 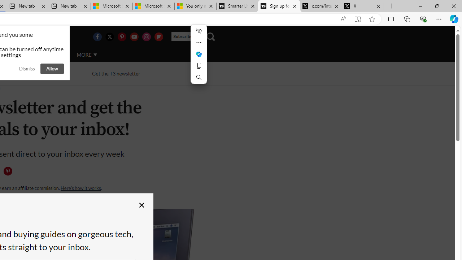 I want to click on 'Get the T3 newsletter', so click(x=116, y=73).